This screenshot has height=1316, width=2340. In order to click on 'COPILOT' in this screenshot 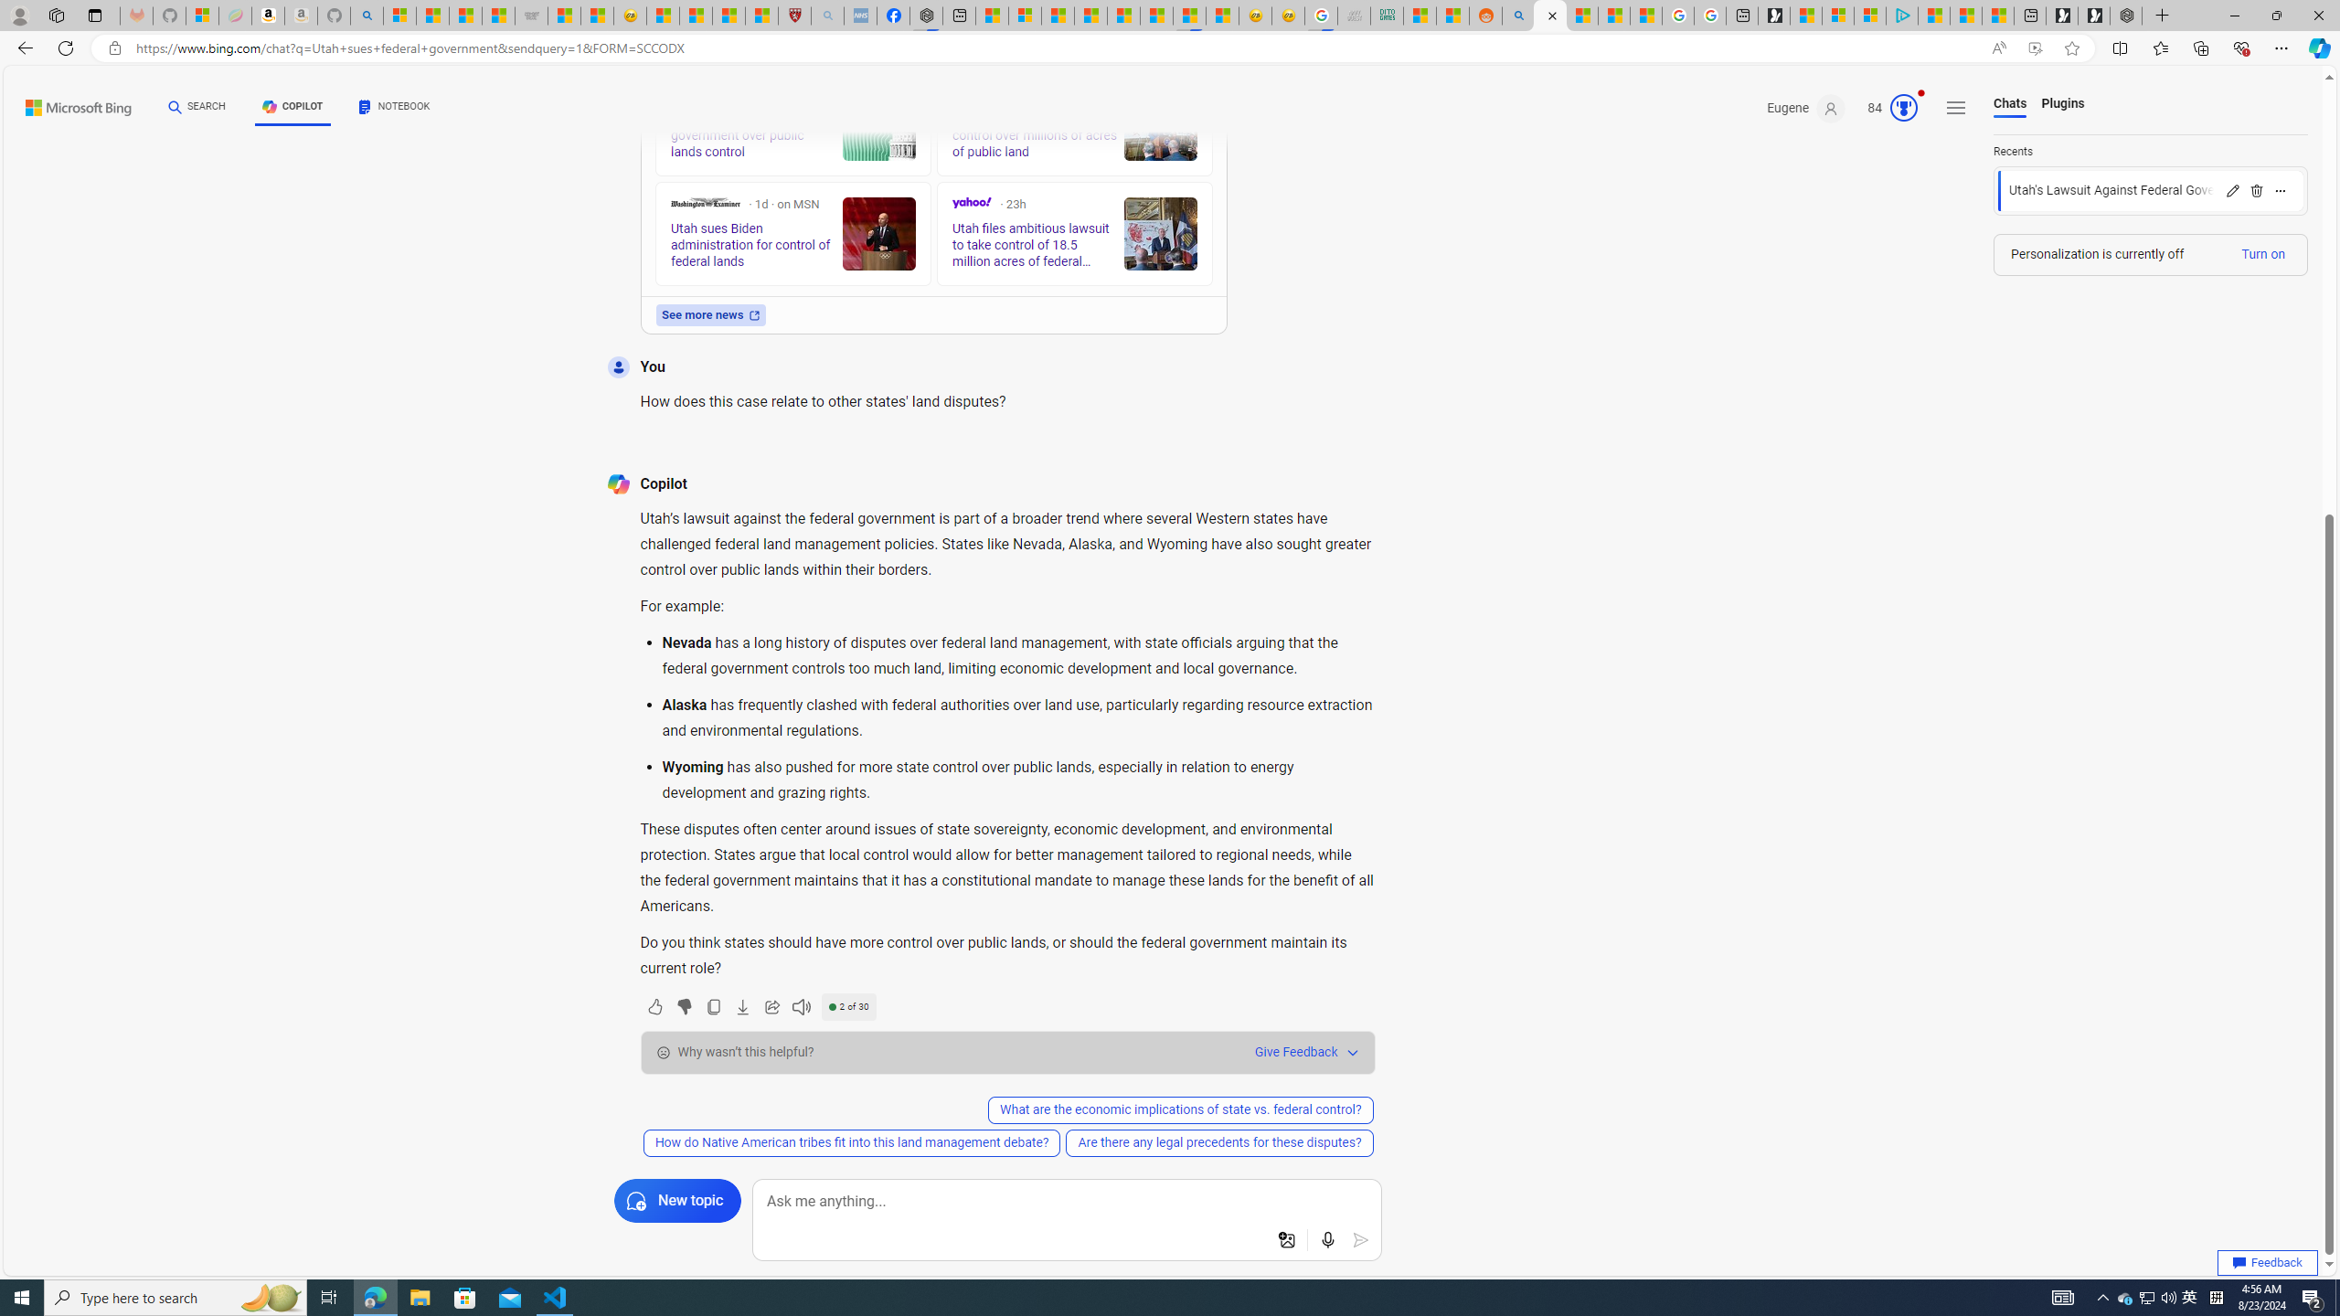, I will do `click(292, 106)`.